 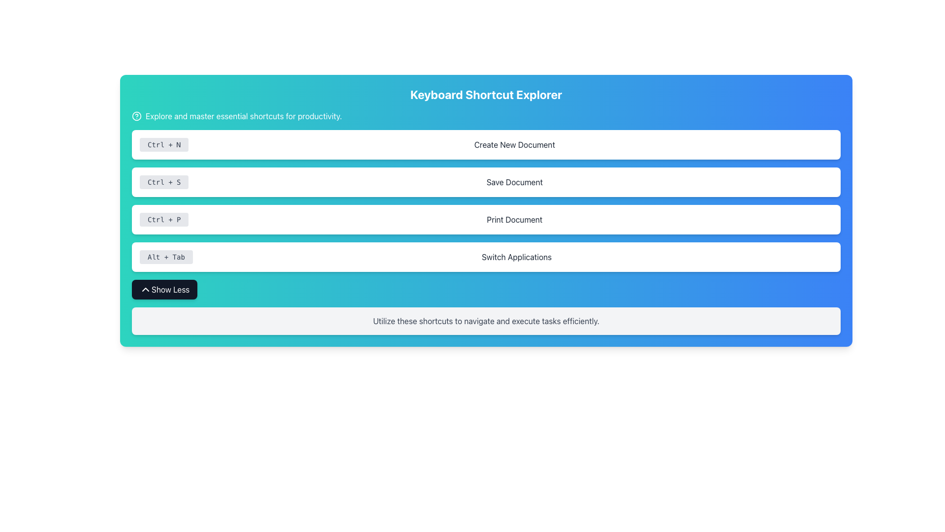 I want to click on the informational row displaying the keyboard shortcut for printing a document, which is the third item in the list of keyboard shortcuts, so click(x=486, y=219).